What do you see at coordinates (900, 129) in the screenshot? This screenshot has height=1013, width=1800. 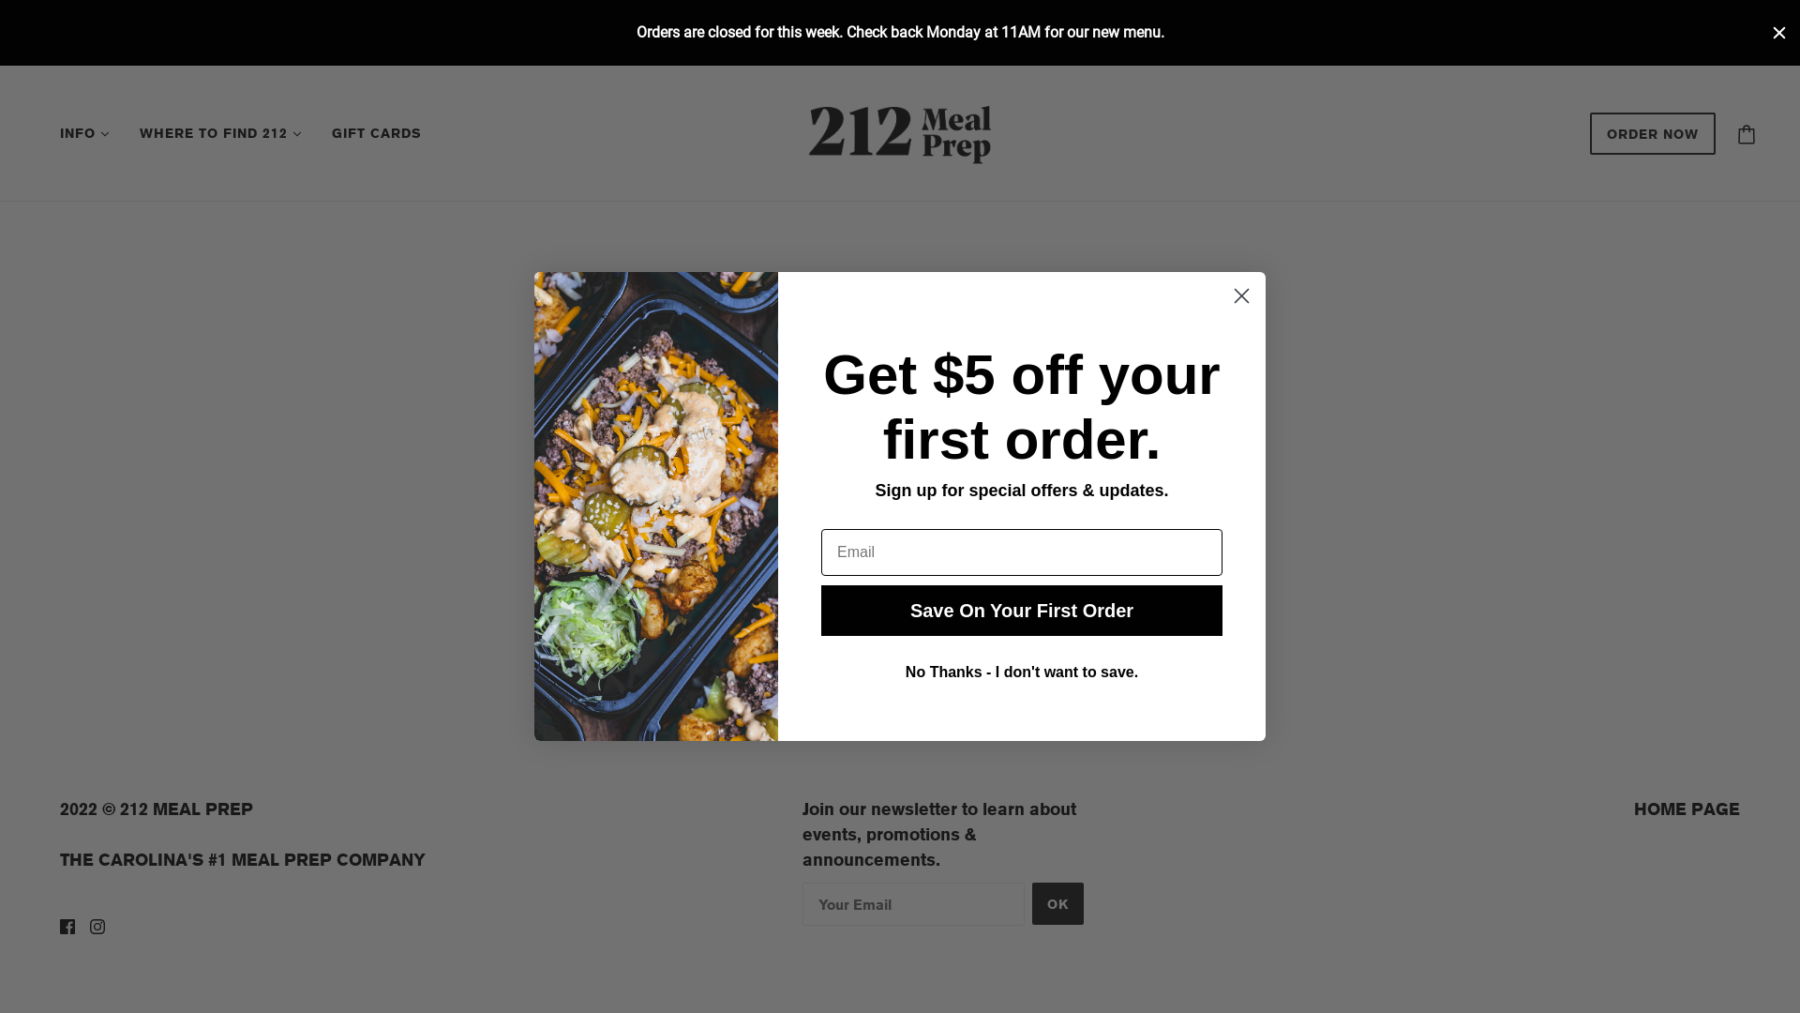 I see `'212meals'` at bounding box center [900, 129].